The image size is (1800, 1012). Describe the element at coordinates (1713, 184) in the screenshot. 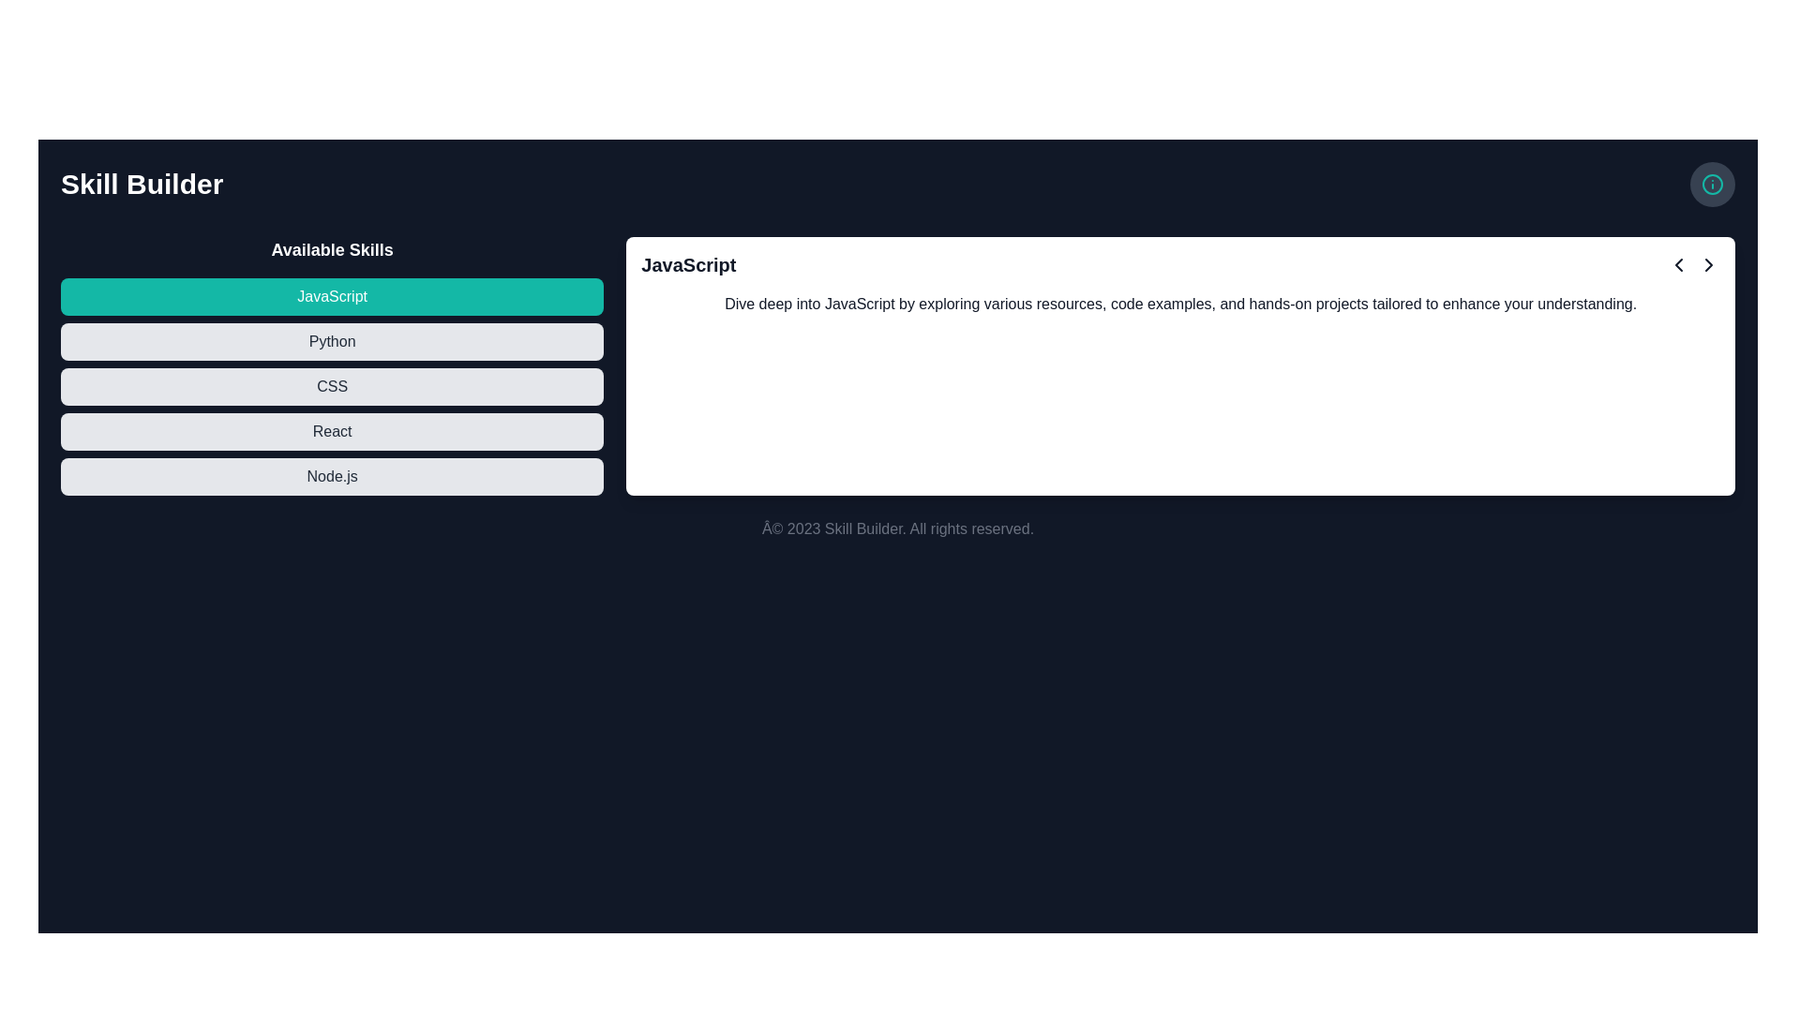

I see `the circular SVG element with a teal stroke color located in the top-right corner of the interface, near the navigation controls` at that location.